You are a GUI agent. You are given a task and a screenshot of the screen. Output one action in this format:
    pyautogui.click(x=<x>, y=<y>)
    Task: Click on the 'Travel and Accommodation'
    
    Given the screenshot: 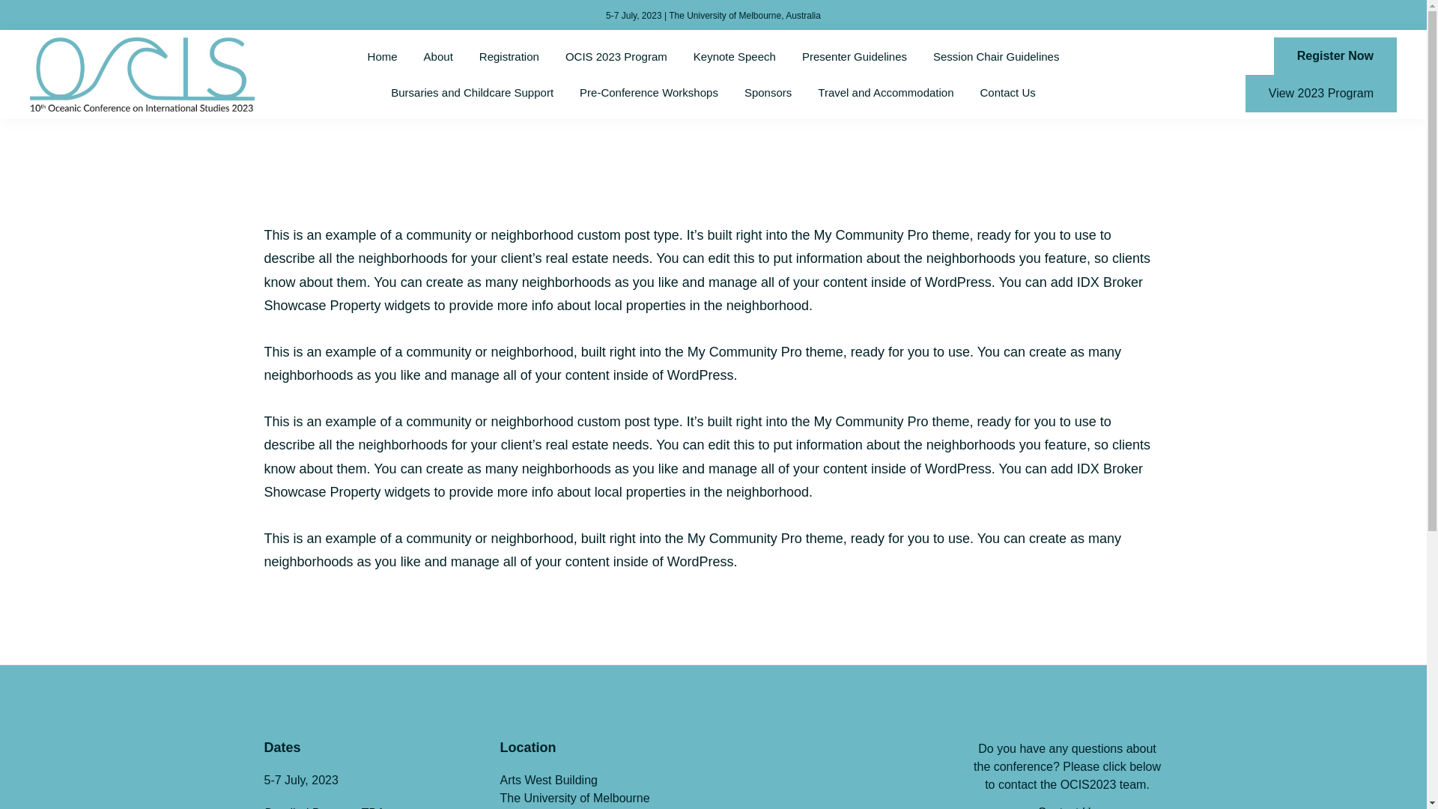 What is the action you would take?
    pyautogui.click(x=885, y=92)
    